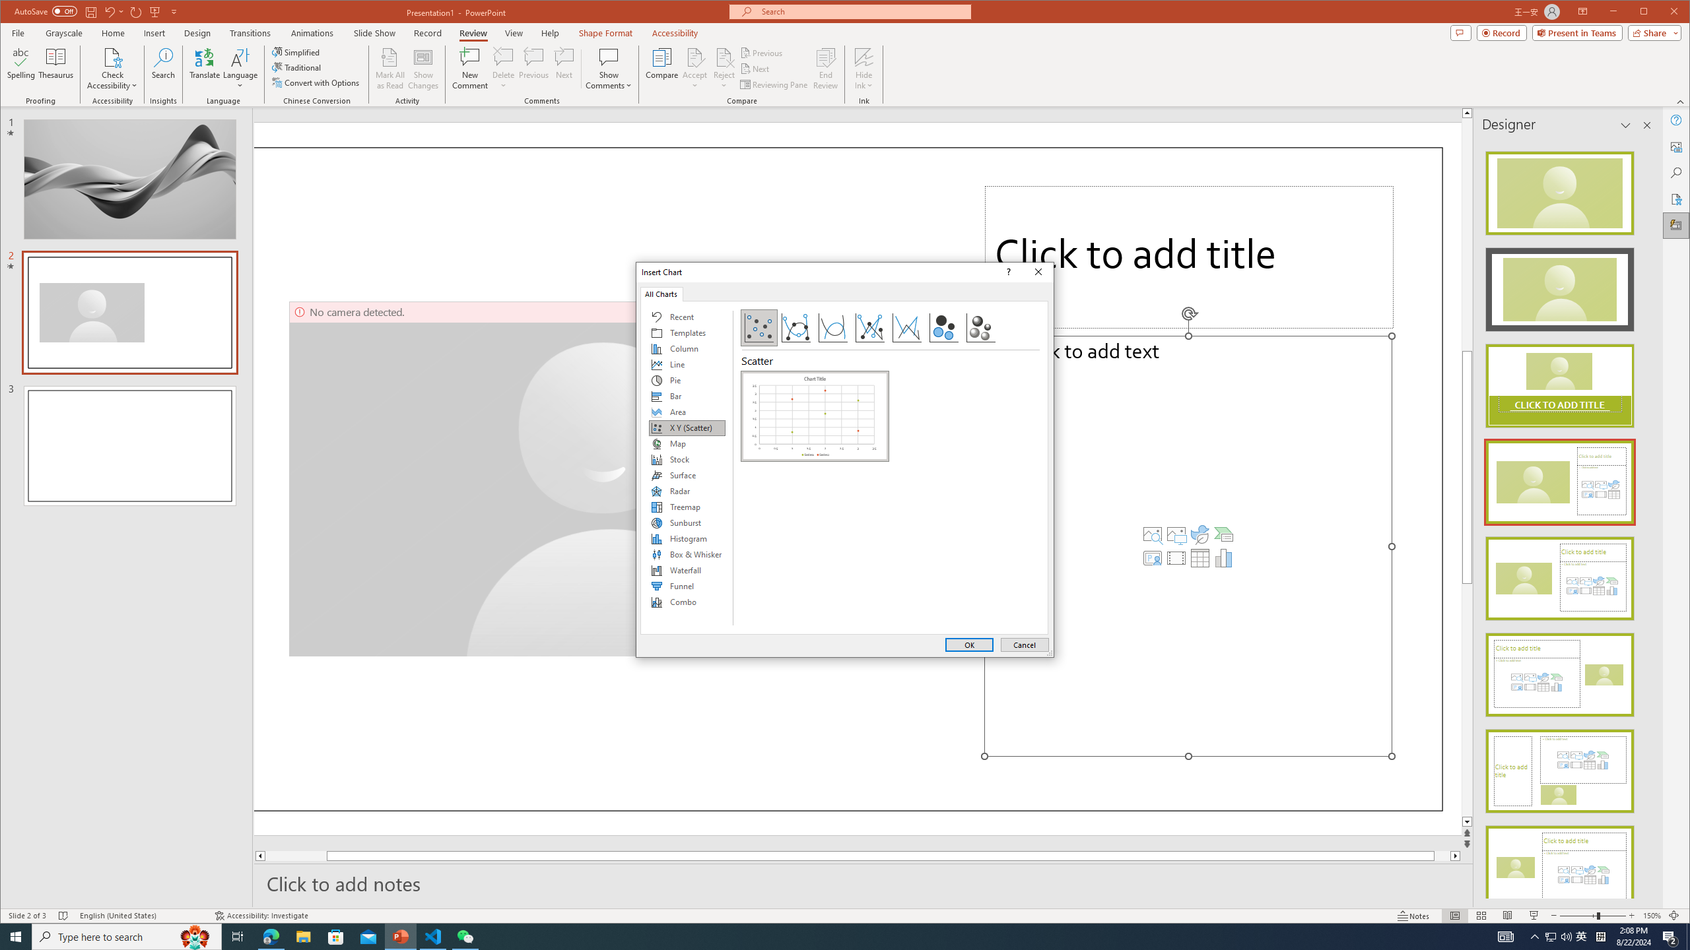  Describe the element at coordinates (774, 84) in the screenshot. I see `'Reviewing Pane'` at that location.